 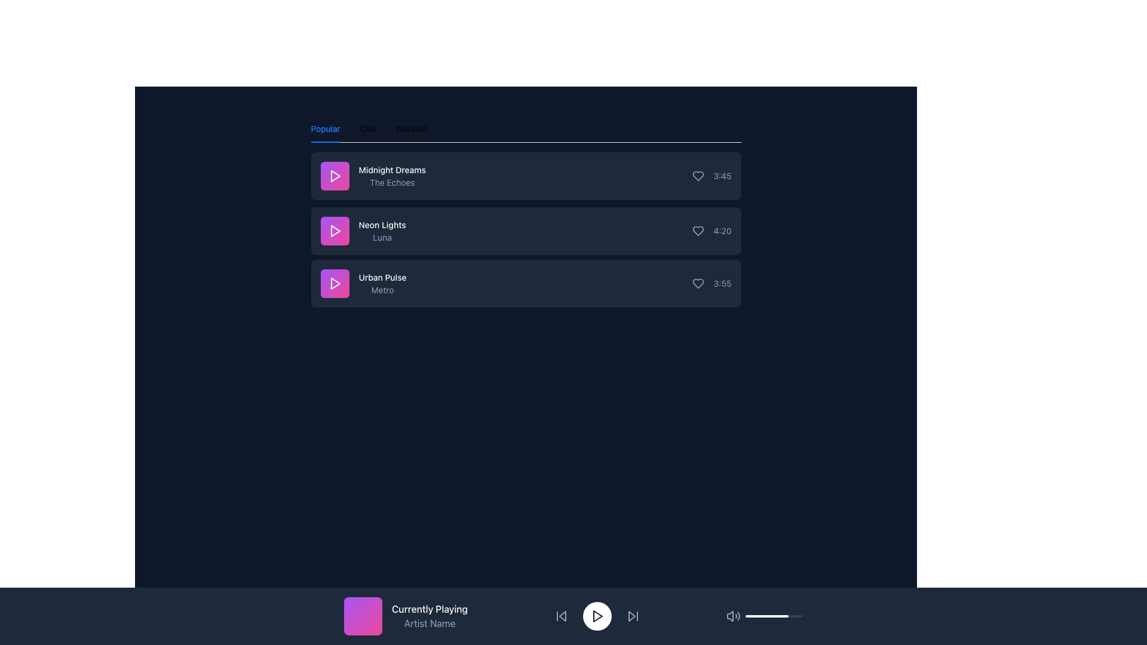 I want to click on the active tab in the navigation tab bar located at the top of the content section to interact with the displayed content, so click(x=526, y=129).